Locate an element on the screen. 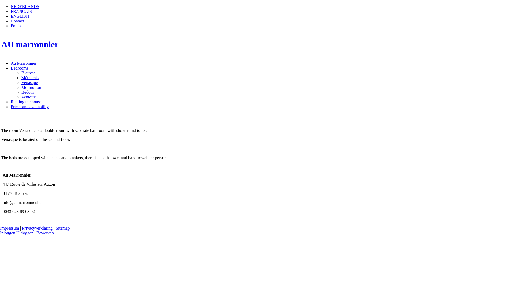 The width and height of the screenshot is (514, 289). 'Bewerken' is located at coordinates (45, 233).